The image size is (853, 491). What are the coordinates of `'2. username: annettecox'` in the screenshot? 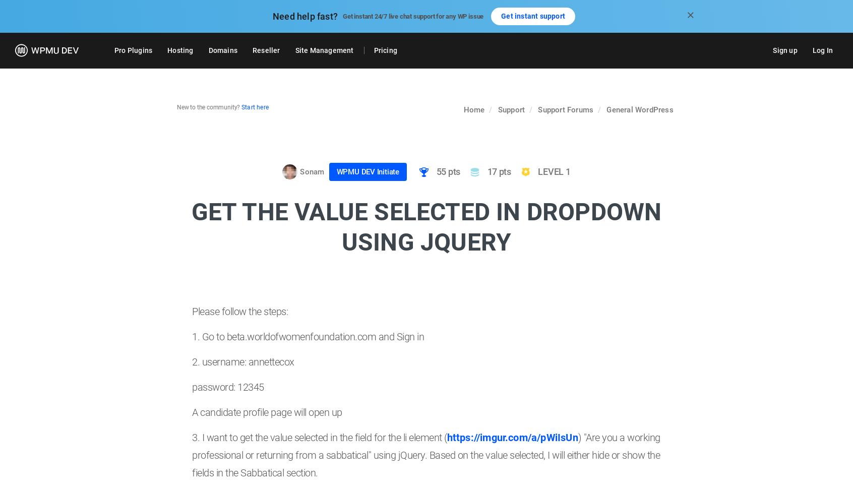 It's located at (242, 361).